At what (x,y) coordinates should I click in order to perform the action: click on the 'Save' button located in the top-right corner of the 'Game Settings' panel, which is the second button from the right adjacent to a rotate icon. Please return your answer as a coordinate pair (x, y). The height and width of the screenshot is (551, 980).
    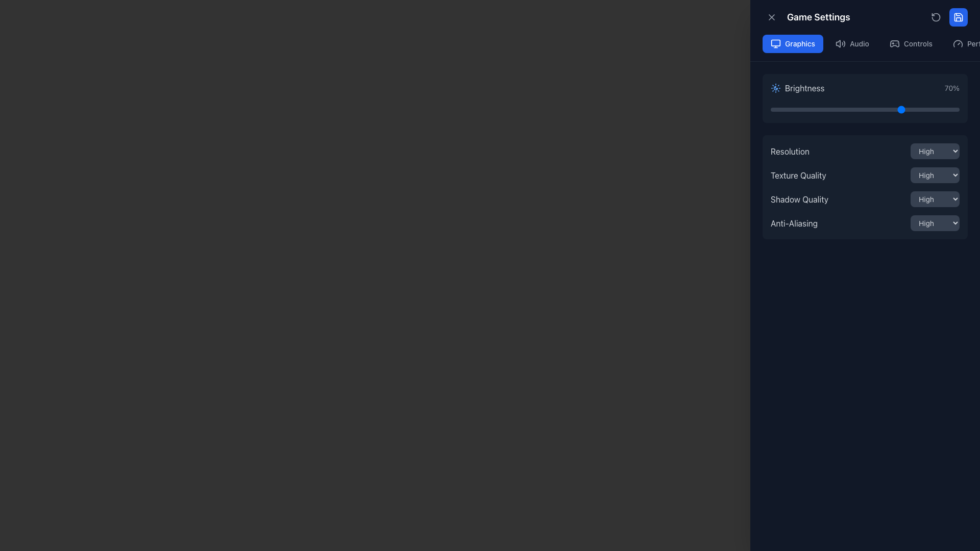
    Looking at the image, I should click on (958, 17).